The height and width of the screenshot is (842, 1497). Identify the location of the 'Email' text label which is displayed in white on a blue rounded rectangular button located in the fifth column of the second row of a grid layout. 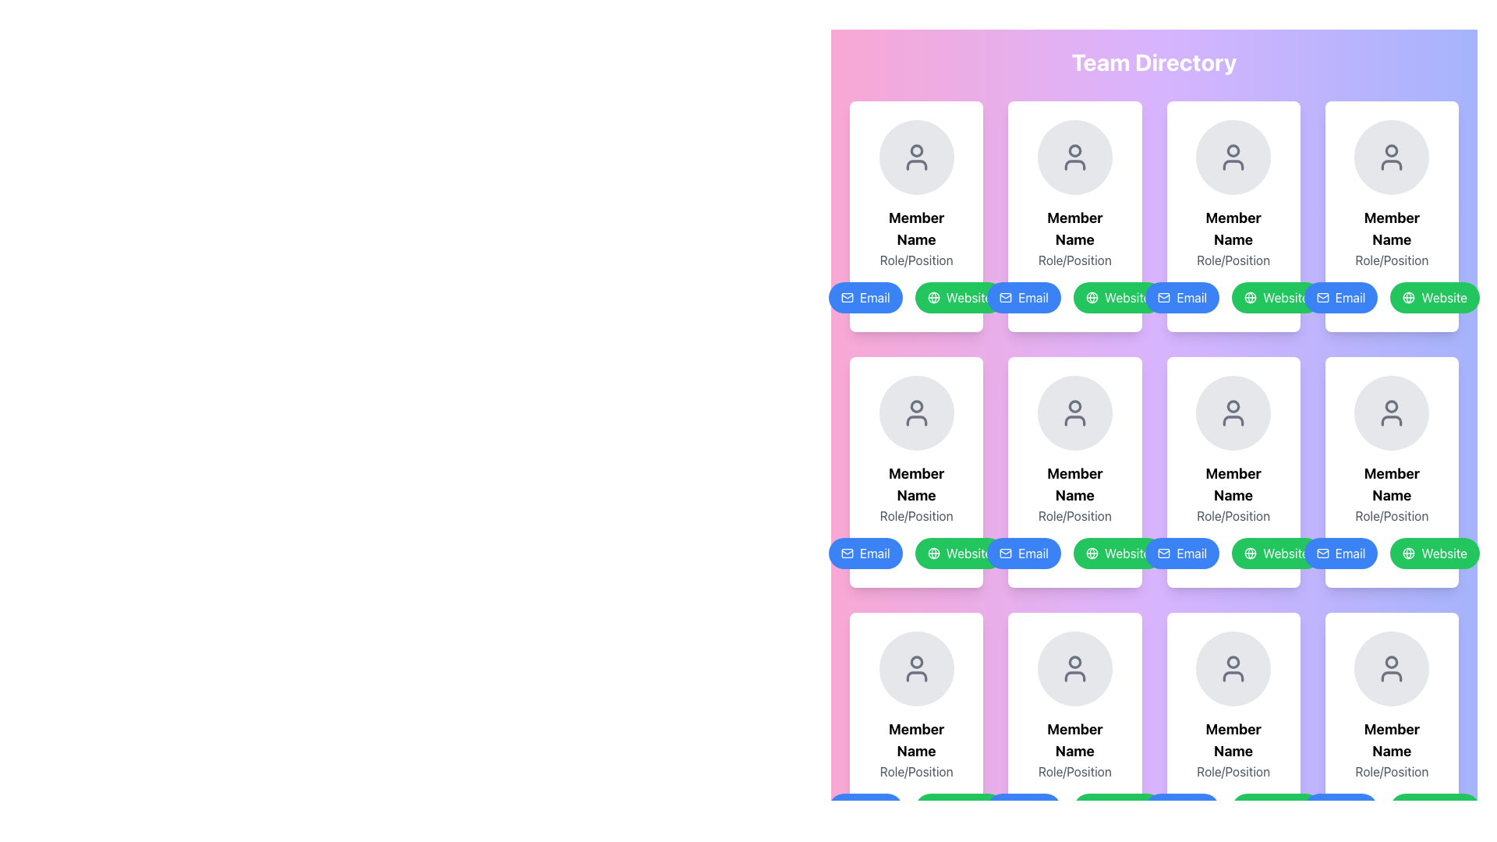
(1191, 297).